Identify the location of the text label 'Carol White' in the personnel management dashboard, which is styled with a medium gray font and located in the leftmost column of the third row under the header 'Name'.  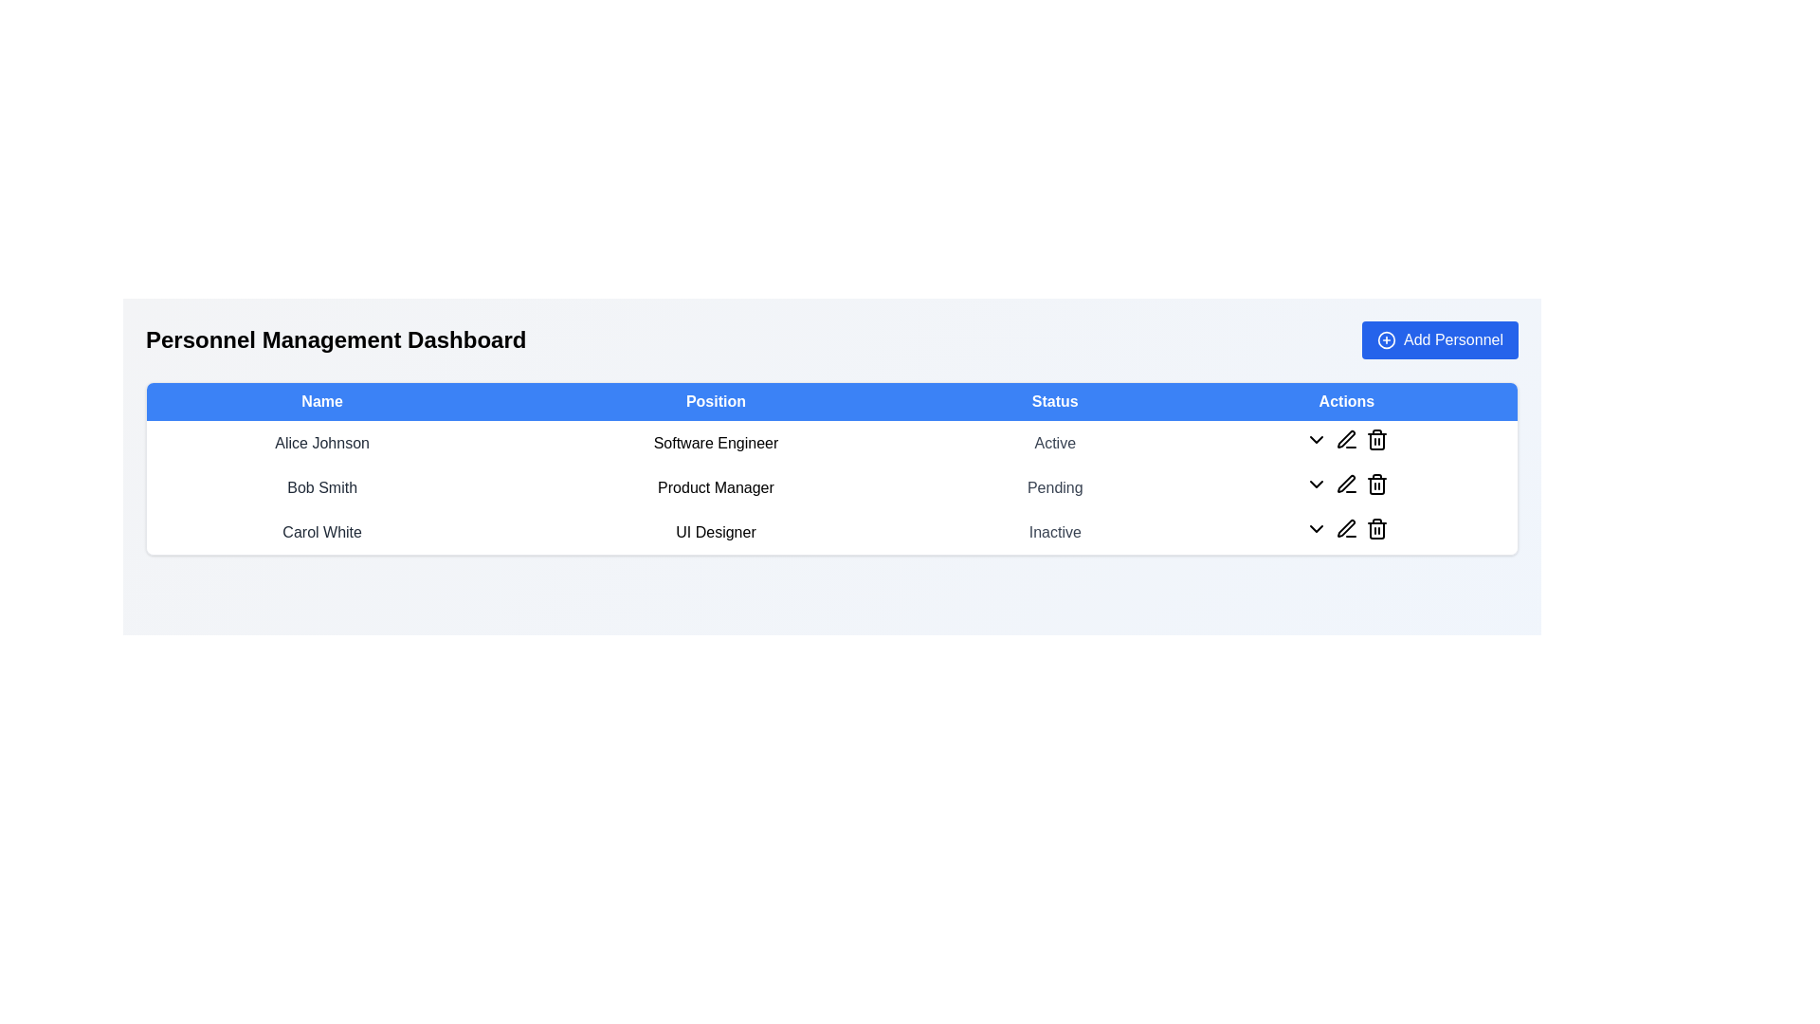
(322, 532).